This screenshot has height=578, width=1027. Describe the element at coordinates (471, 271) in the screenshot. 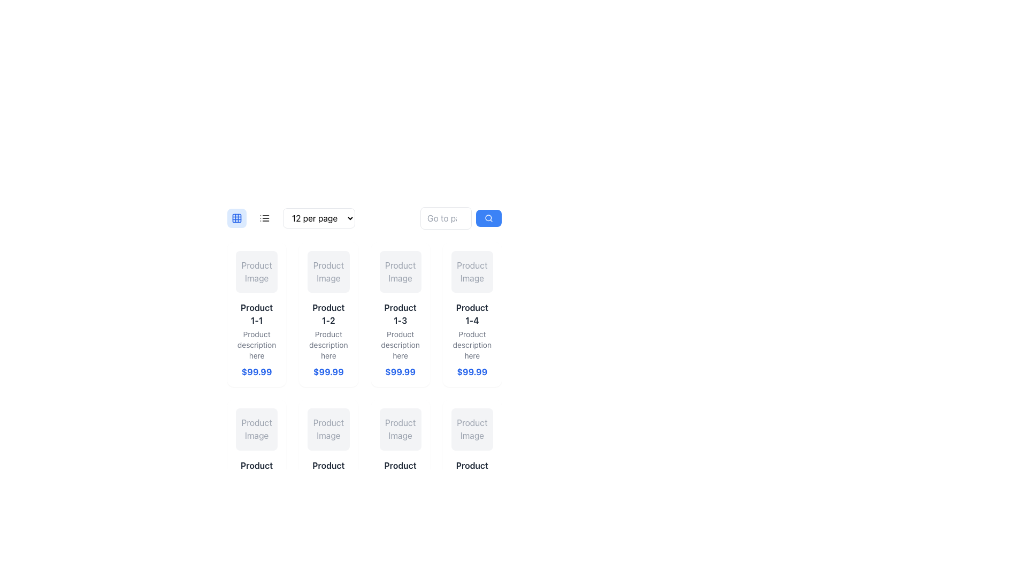

I see `the image placeholder with light gray background and 'Product Image' text, located in the fourth column of the first row of the product card grid` at that location.